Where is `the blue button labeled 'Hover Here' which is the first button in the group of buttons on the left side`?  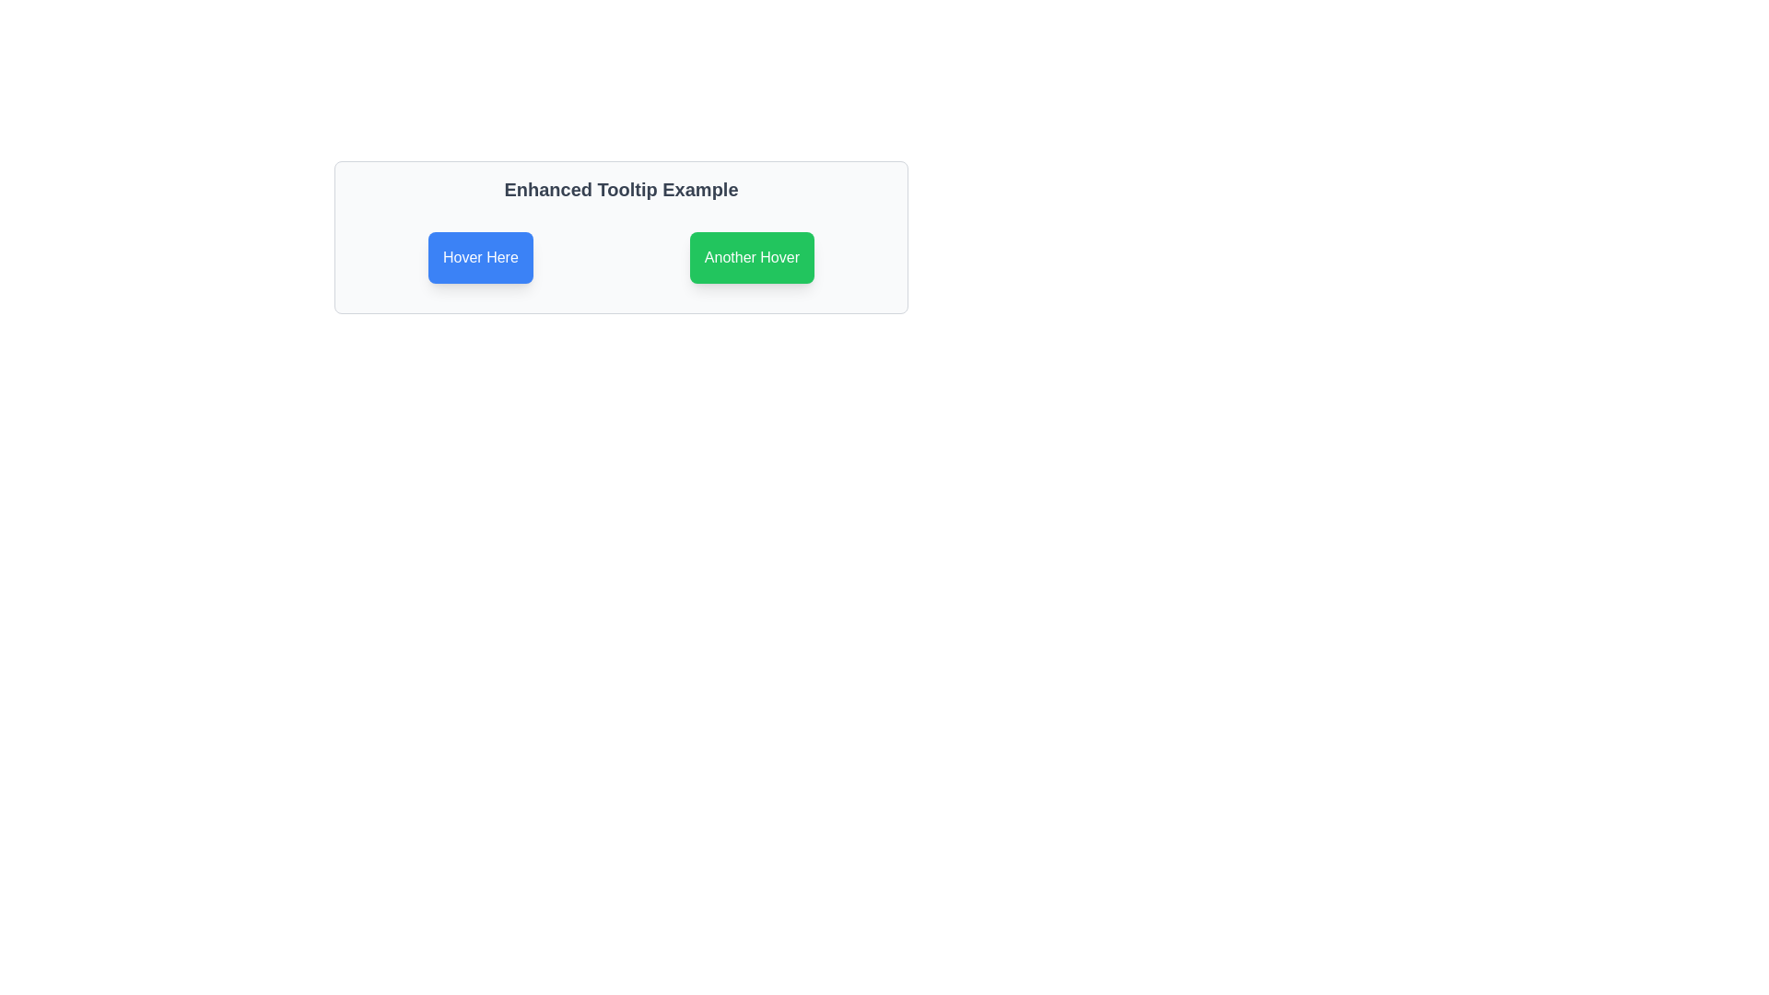
the blue button labeled 'Hover Here' which is the first button in the group of buttons on the left side is located at coordinates (480, 258).